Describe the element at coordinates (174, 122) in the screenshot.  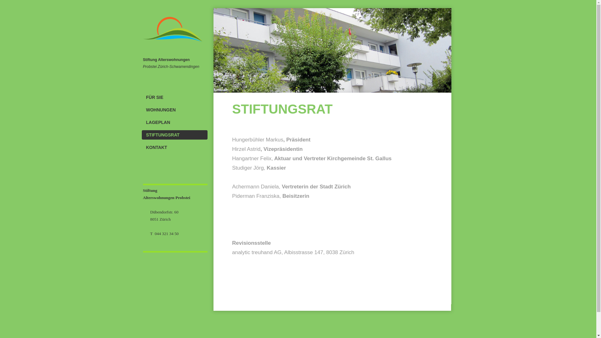
I see `'LAGEPLAN'` at that location.